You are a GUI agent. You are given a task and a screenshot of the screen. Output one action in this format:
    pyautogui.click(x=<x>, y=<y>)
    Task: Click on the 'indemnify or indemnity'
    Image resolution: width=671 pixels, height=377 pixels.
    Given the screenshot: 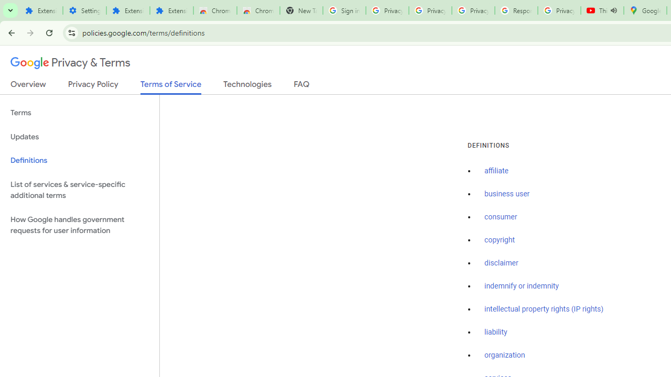 What is the action you would take?
    pyautogui.click(x=522, y=286)
    